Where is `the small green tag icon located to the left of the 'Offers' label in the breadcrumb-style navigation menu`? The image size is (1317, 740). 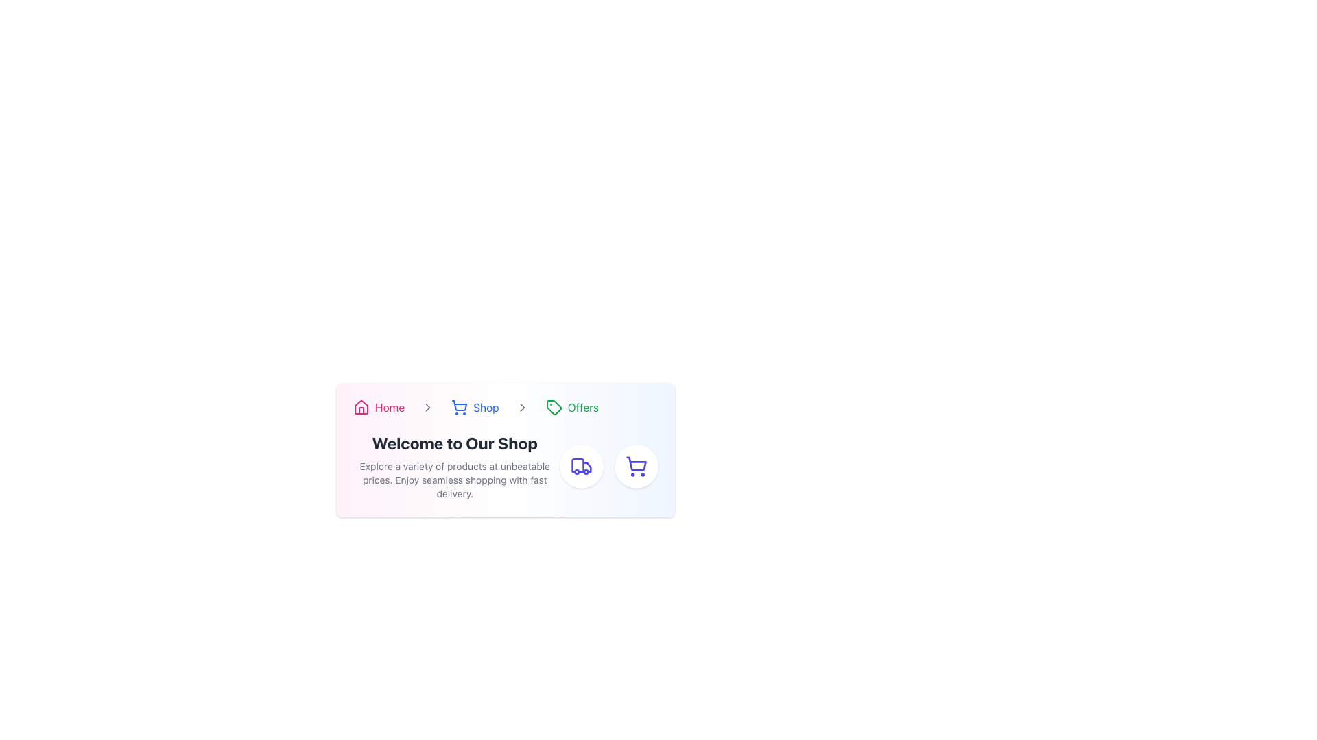
the small green tag icon located to the left of the 'Offers' label in the breadcrumb-style navigation menu is located at coordinates (554, 406).